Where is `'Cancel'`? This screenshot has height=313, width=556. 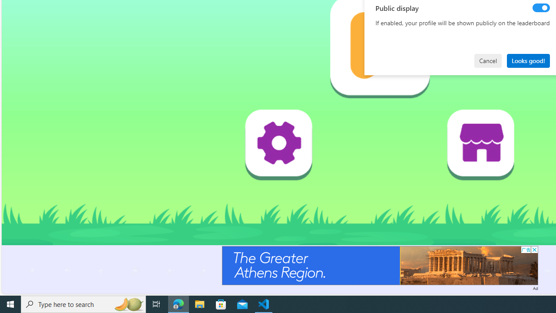 'Cancel' is located at coordinates (488, 60).